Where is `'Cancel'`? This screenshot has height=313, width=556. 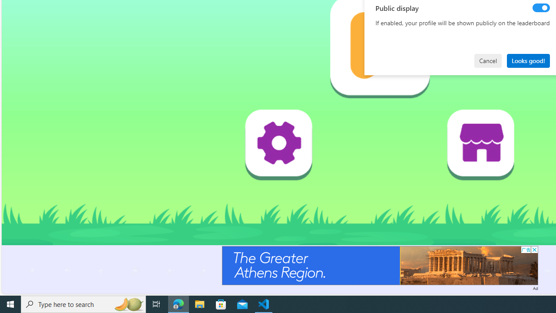 'Cancel' is located at coordinates (488, 60).